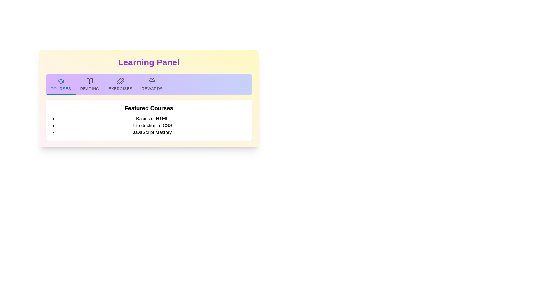 The height and width of the screenshot is (308, 549). What do you see at coordinates (152, 118) in the screenshot?
I see `the 'Basics of HTML' course title in the course list` at bounding box center [152, 118].